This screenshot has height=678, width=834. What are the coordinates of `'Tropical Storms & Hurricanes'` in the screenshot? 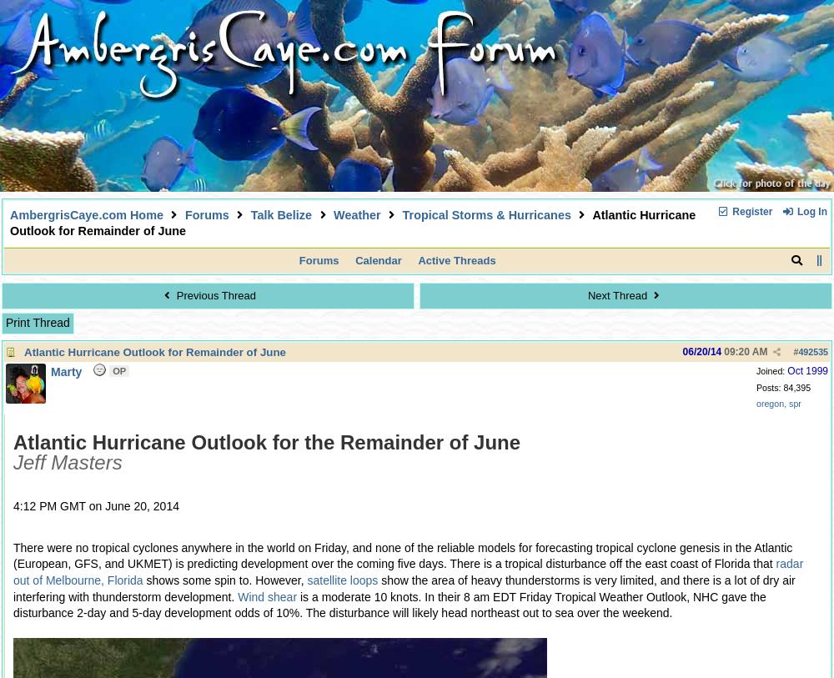 It's located at (401, 213).